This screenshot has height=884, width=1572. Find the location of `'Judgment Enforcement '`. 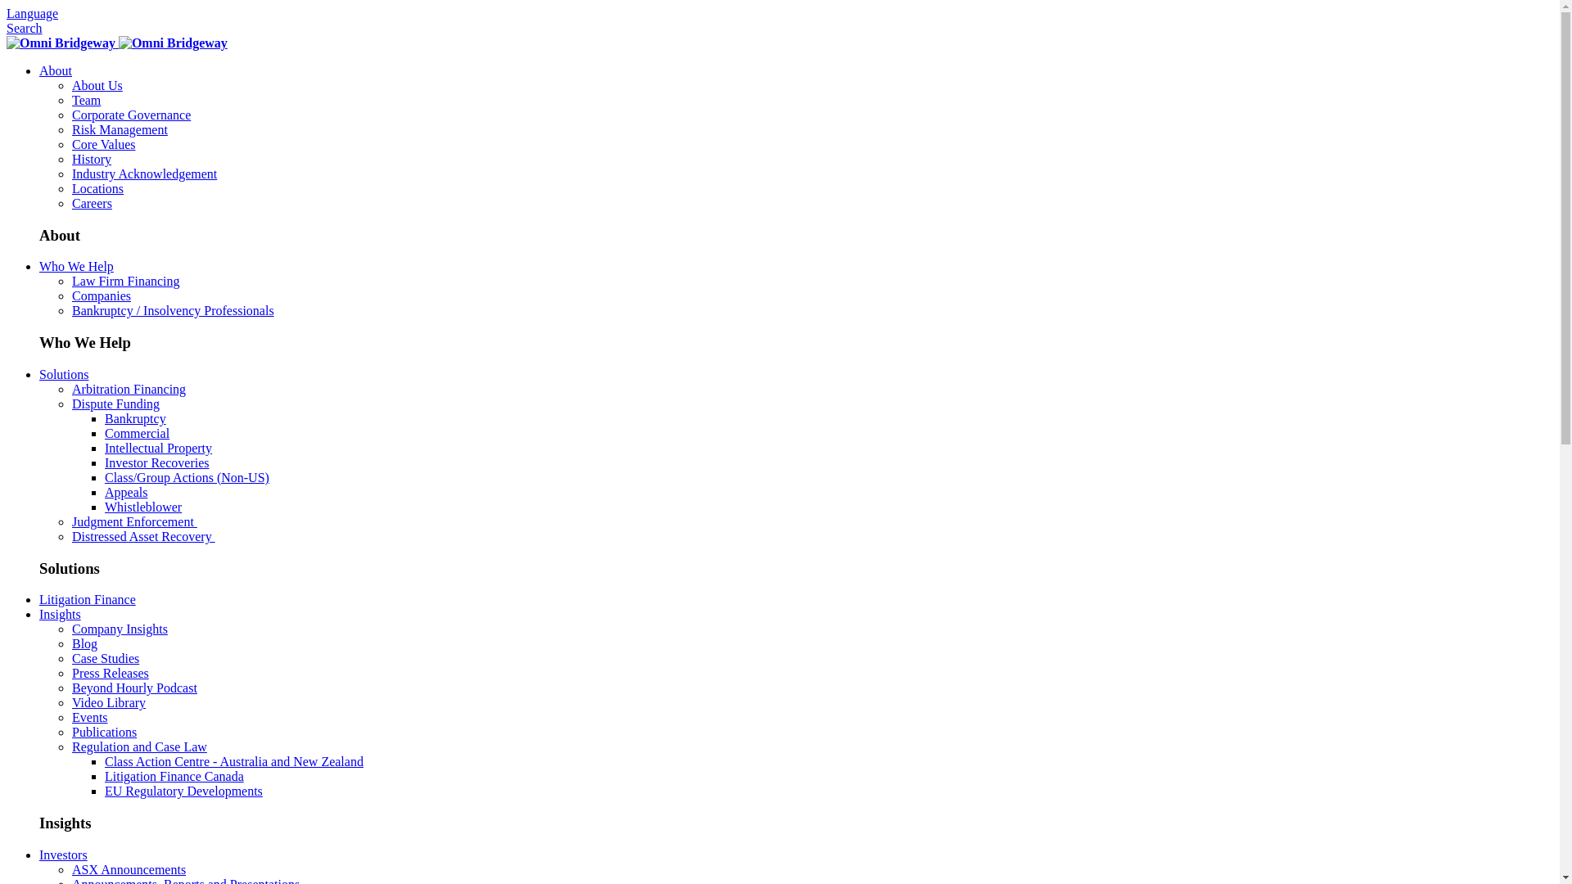

'Judgment Enforcement ' is located at coordinates (134, 521).